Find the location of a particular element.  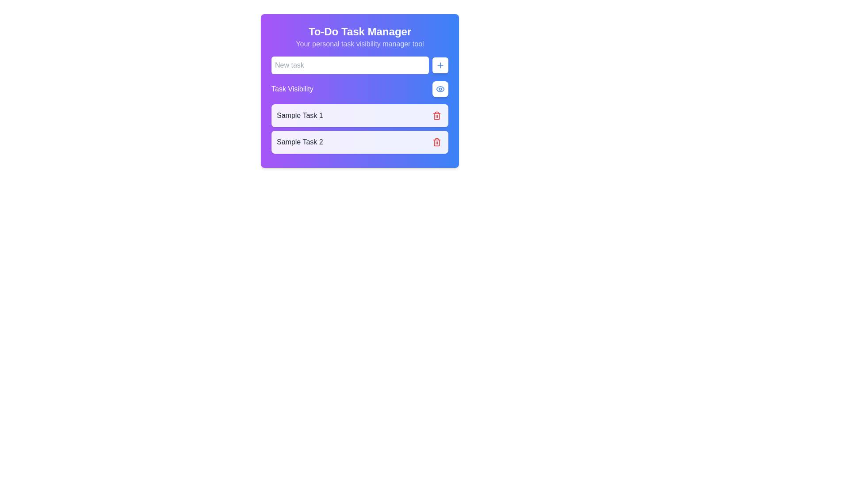

the label reading 'Sample Task 1' located in the top entry of the vertical list under 'Task Visibility', which is styled in gray and positioned inside a white rounded box to the left of a red trash can icon is located at coordinates (300, 115).